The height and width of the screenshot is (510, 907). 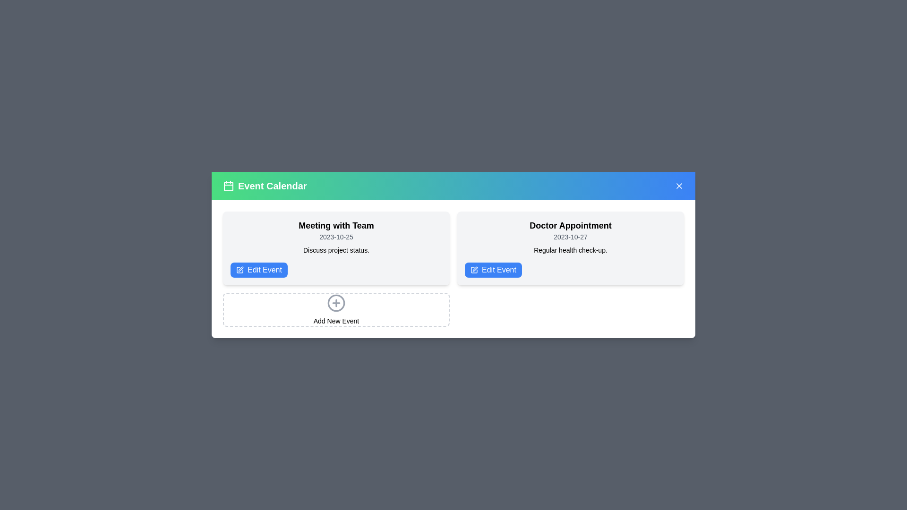 I want to click on the close button (X) located at the top-right corner of the dialog, so click(x=679, y=186).